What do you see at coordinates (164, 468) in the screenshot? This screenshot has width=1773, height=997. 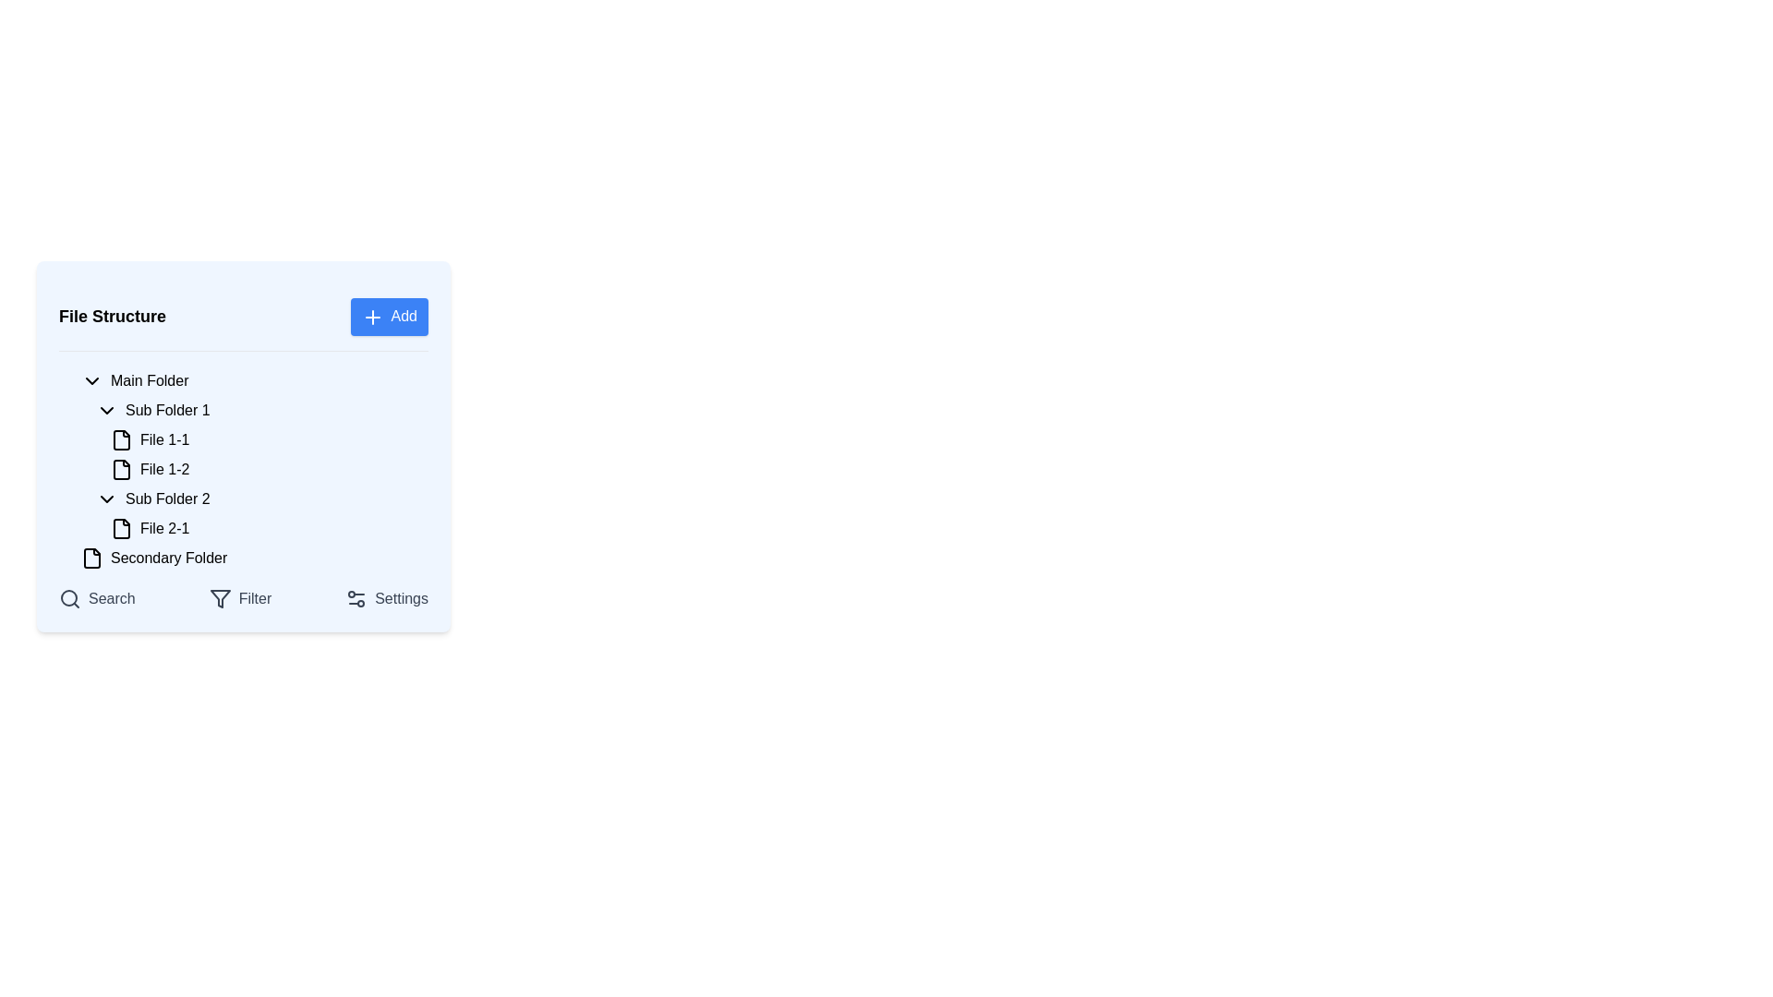 I see `the second file entry labeled as 'File 1-2' within the 'Sub Folder 1' of the file navigator interface` at bounding box center [164, 468].